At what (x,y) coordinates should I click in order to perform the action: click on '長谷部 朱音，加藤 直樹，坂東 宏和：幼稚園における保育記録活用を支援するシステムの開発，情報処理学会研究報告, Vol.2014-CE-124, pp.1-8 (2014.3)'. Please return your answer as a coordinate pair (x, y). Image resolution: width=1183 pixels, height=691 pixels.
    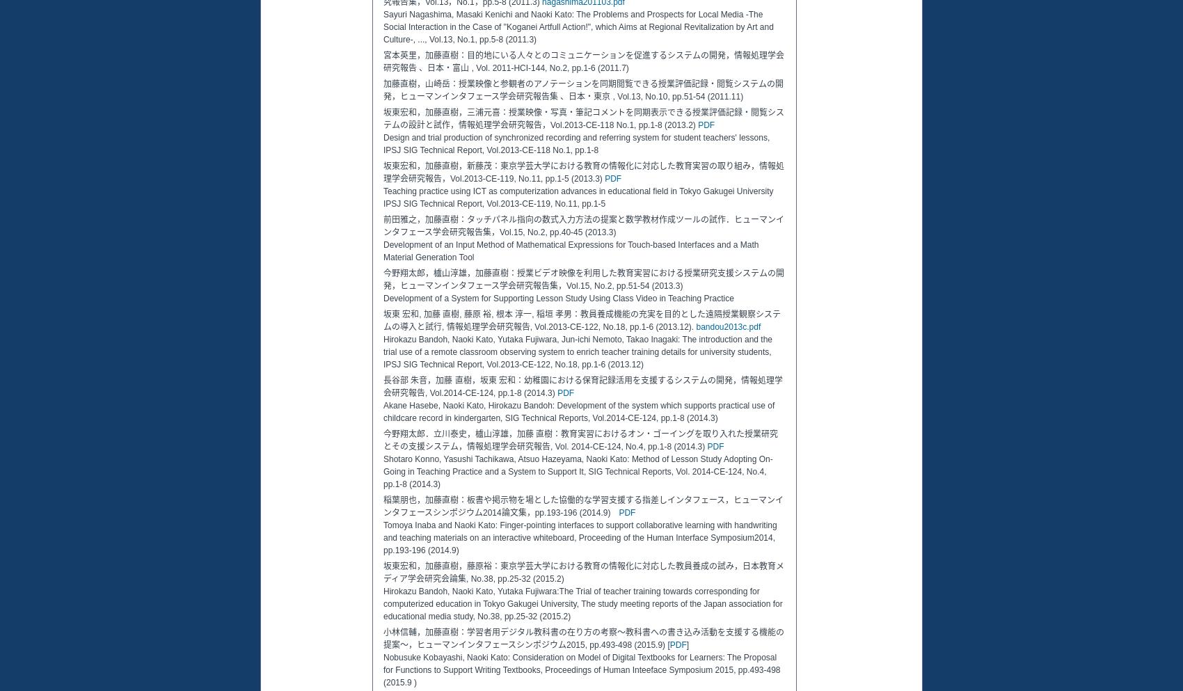
    Looking at the image, I should click on (582, 386).